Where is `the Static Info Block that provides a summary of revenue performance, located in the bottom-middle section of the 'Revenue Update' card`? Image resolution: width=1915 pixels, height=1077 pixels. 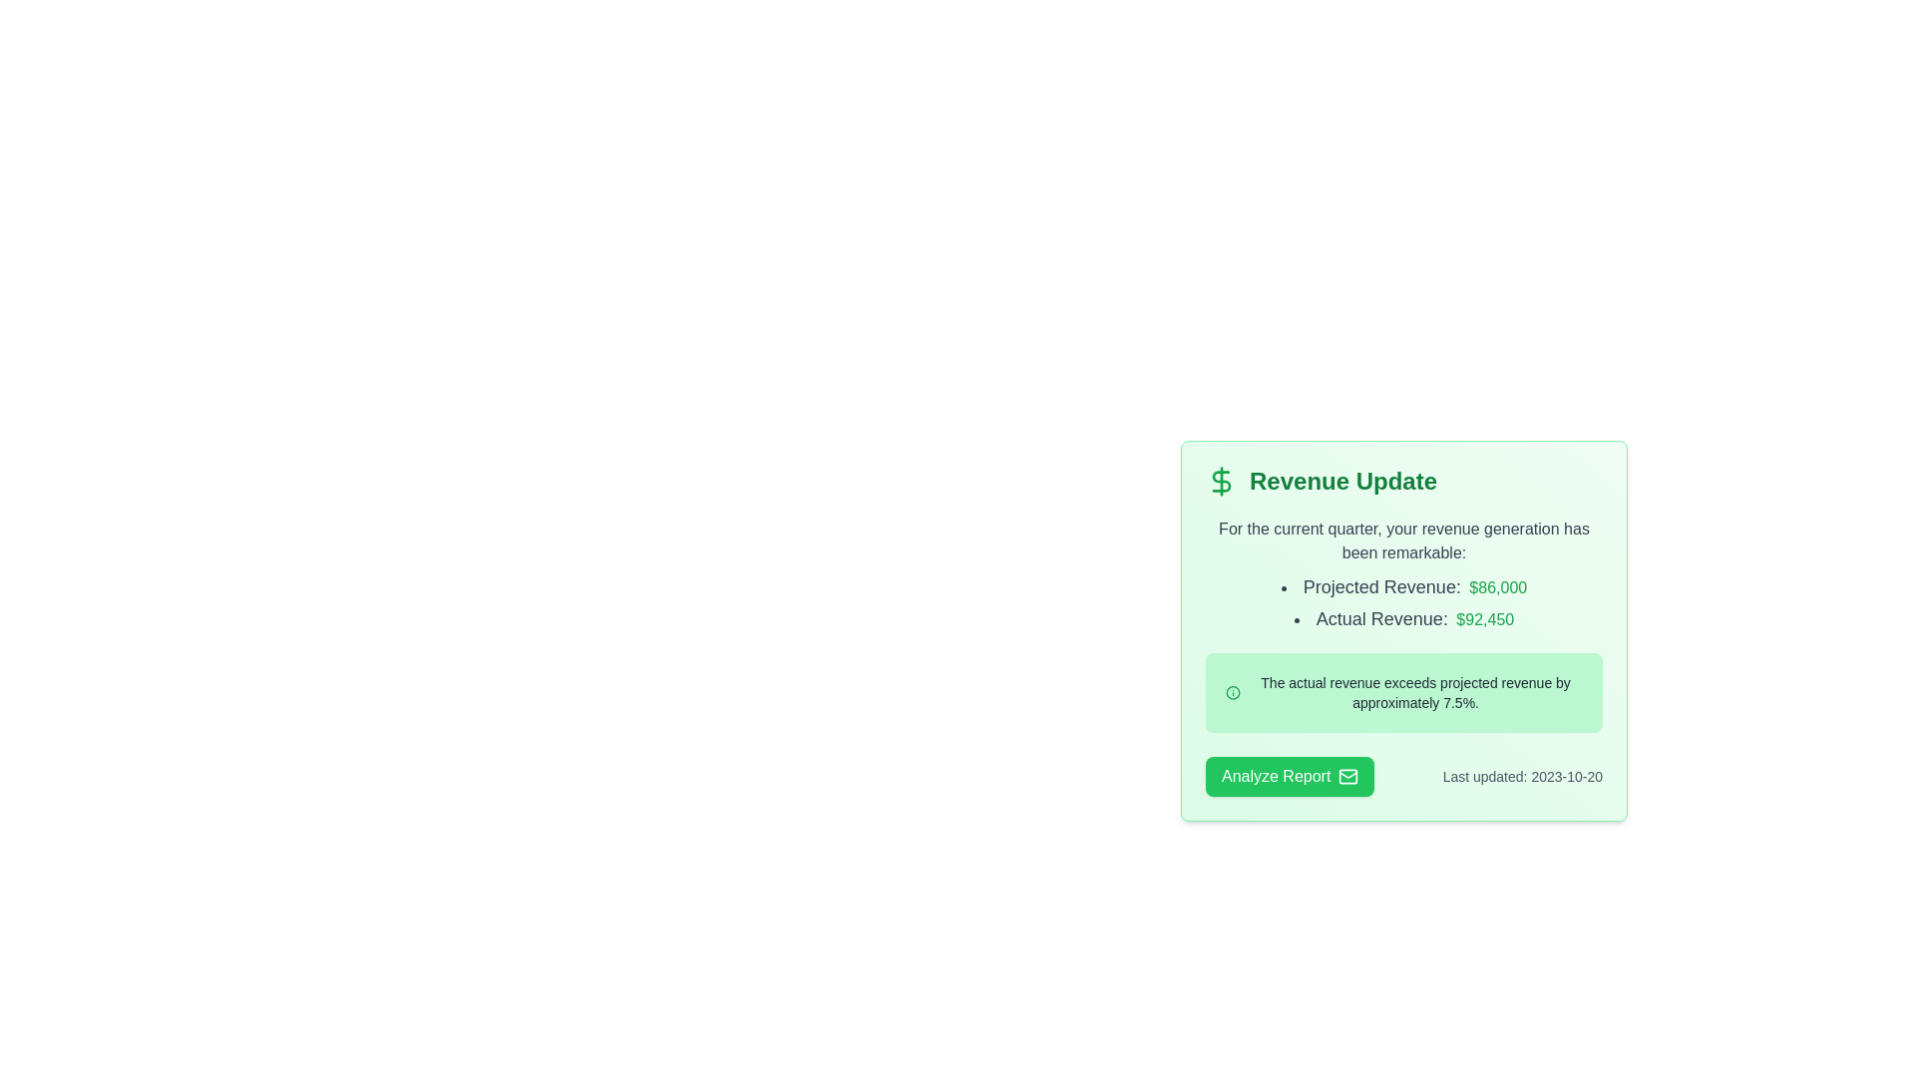
the Static Info Block that provides a summary of revenue performance, located in the bottom-middle section of the 'Revenue Update' card is located at coordinates (1402, 691).